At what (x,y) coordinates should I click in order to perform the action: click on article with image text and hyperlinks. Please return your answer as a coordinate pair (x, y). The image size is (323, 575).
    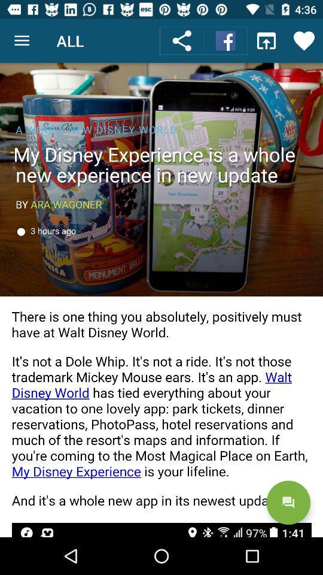
    Looking at the image, I should click on (161, 299).